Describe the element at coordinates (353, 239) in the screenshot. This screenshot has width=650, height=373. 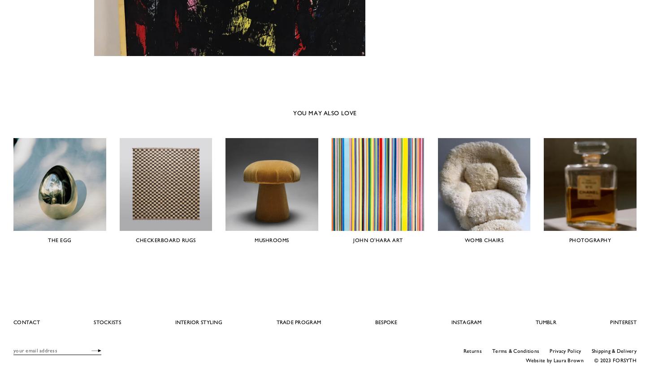
I see `'John O'Hara Art'` at that location.